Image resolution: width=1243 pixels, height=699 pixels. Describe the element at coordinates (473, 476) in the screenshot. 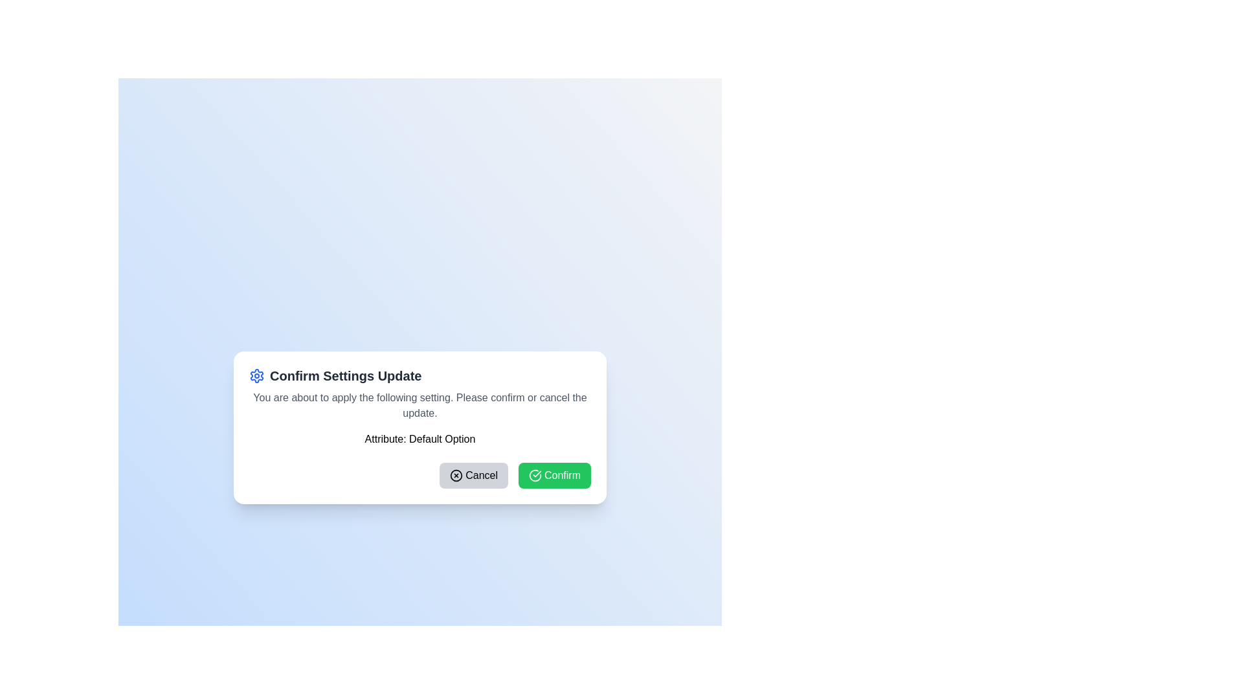

I see `the 'Cancel' button, which has a gray background and contains an icon of a circle with an 'x' and the text 'Cancel', located near the bottom of the dialog box` at that location.